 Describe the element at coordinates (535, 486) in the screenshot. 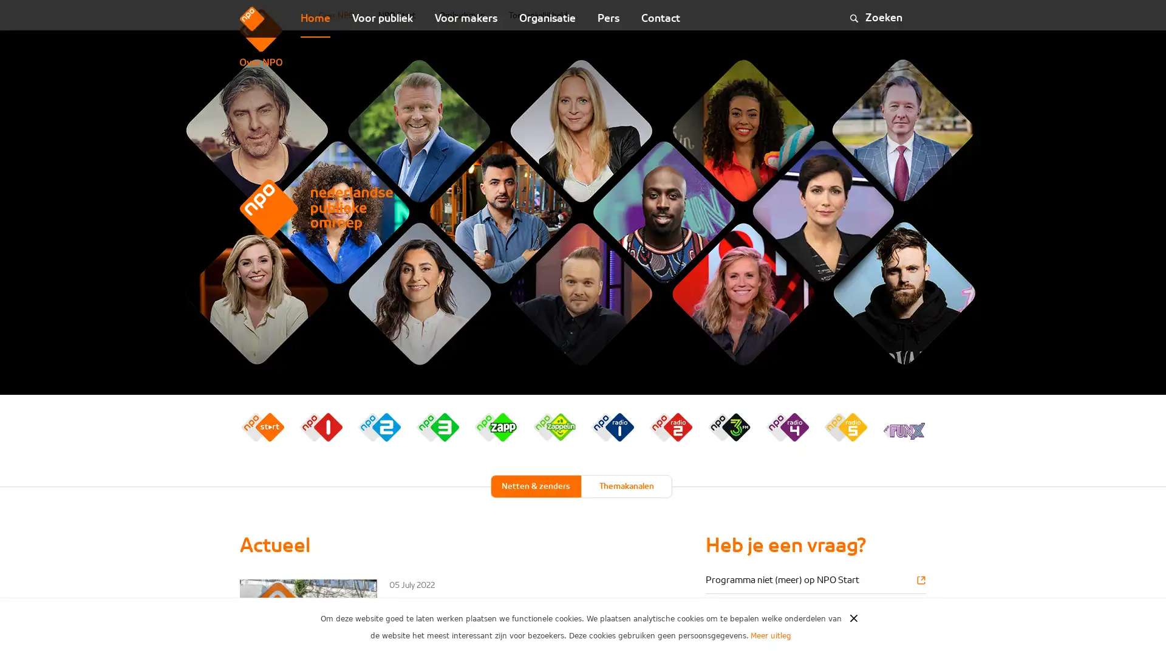

I see `Netten & zenders` at that location.